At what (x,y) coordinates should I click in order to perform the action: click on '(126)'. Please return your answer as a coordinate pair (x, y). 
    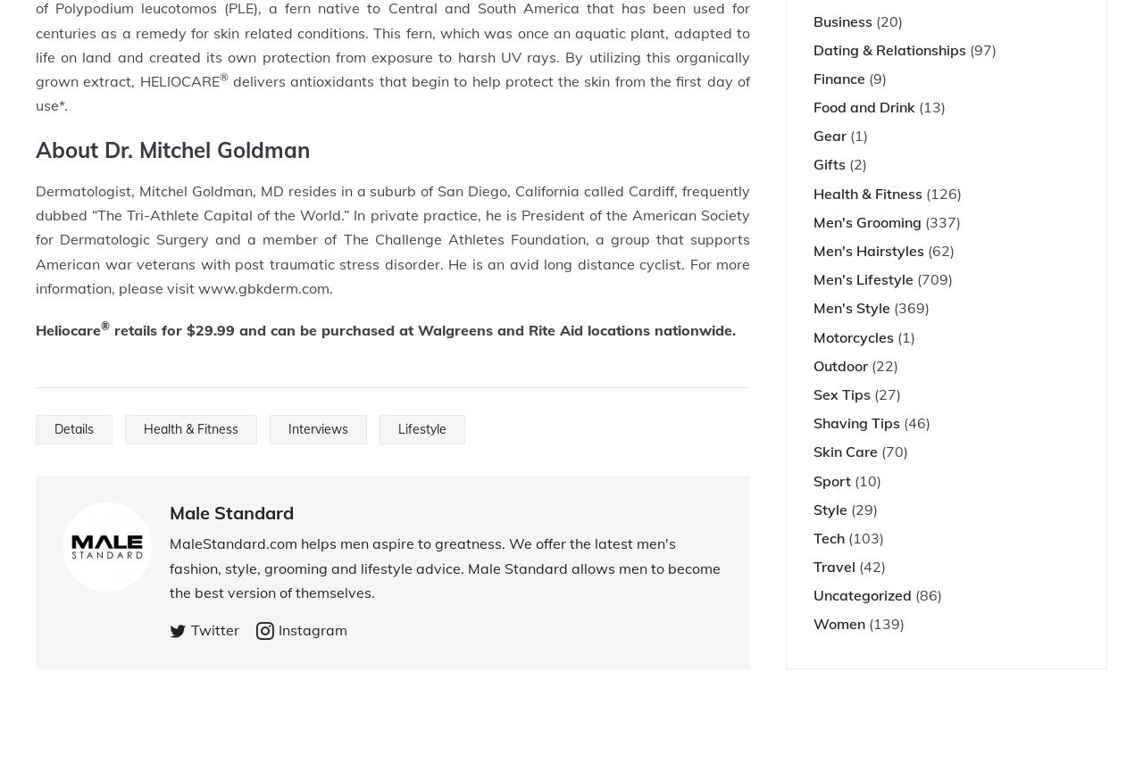
    Looking at the image, I should click on (940, 193).